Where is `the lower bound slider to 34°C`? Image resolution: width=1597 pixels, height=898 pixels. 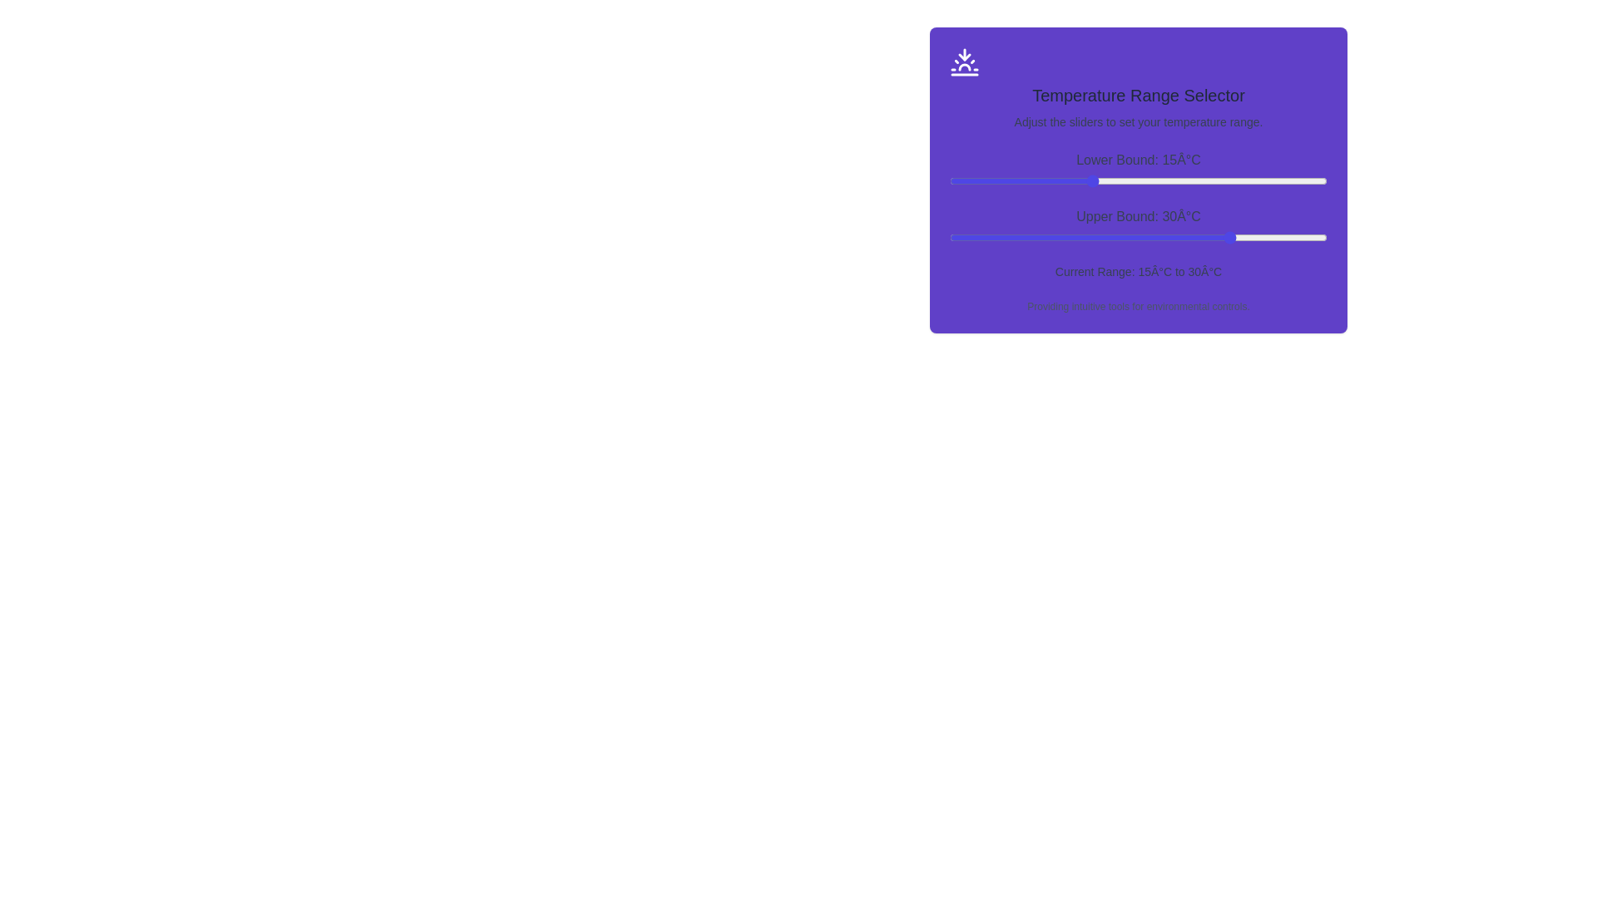
the lower bound slider to 34°C is located at coordinates (1269, 181).